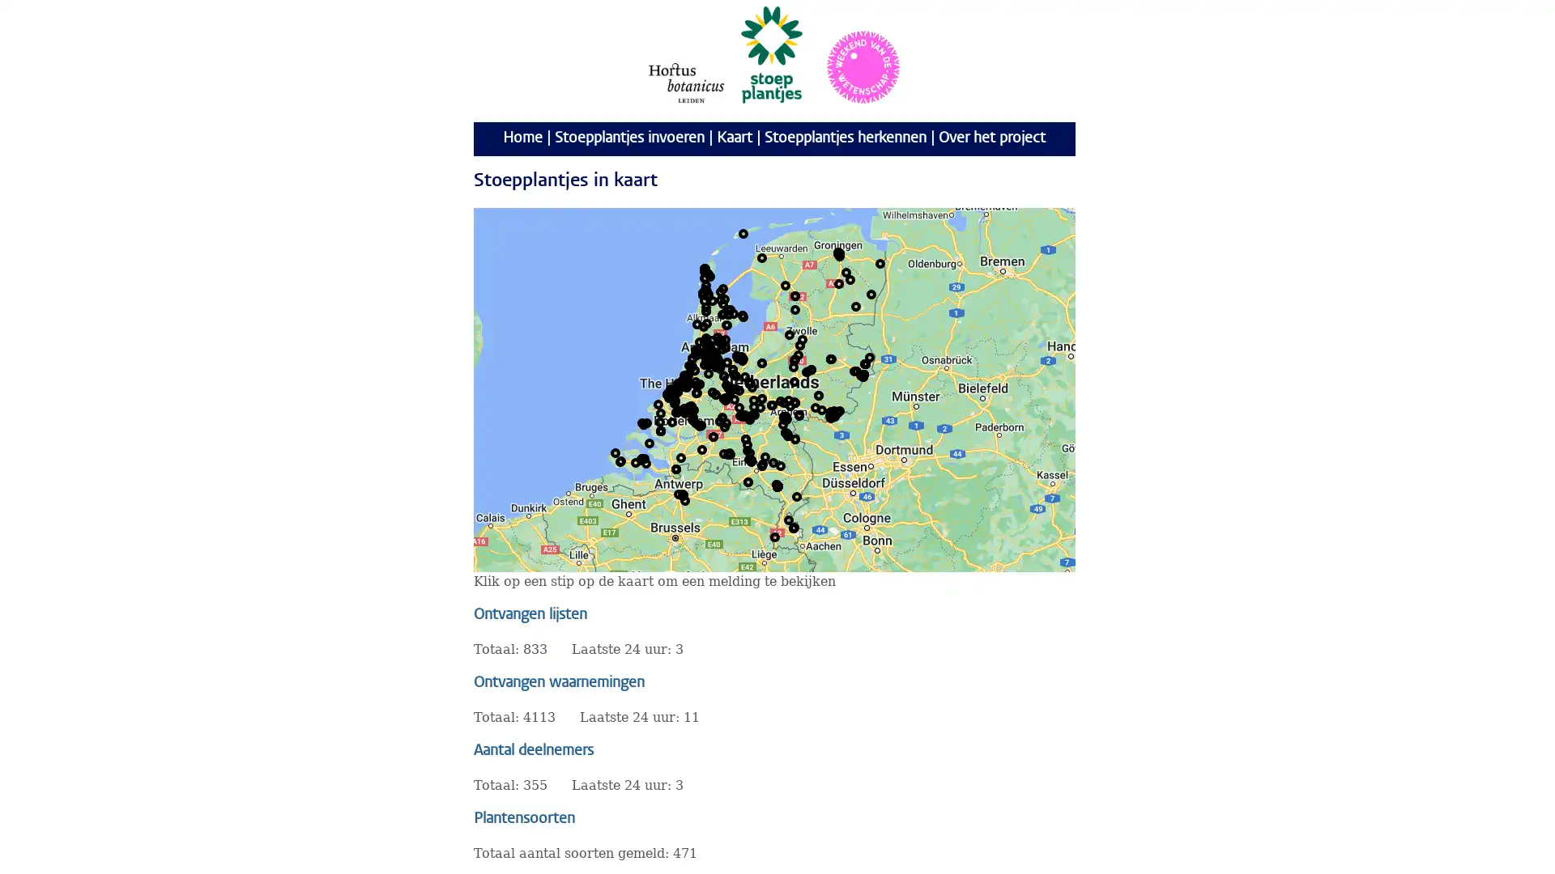 The height and width of the screenshot is (874, 1555). What do you see at coordinates (718, 364) in the screenshot?
I see `Telling van op 04 juni 2022` at bounding box center [718, 364].